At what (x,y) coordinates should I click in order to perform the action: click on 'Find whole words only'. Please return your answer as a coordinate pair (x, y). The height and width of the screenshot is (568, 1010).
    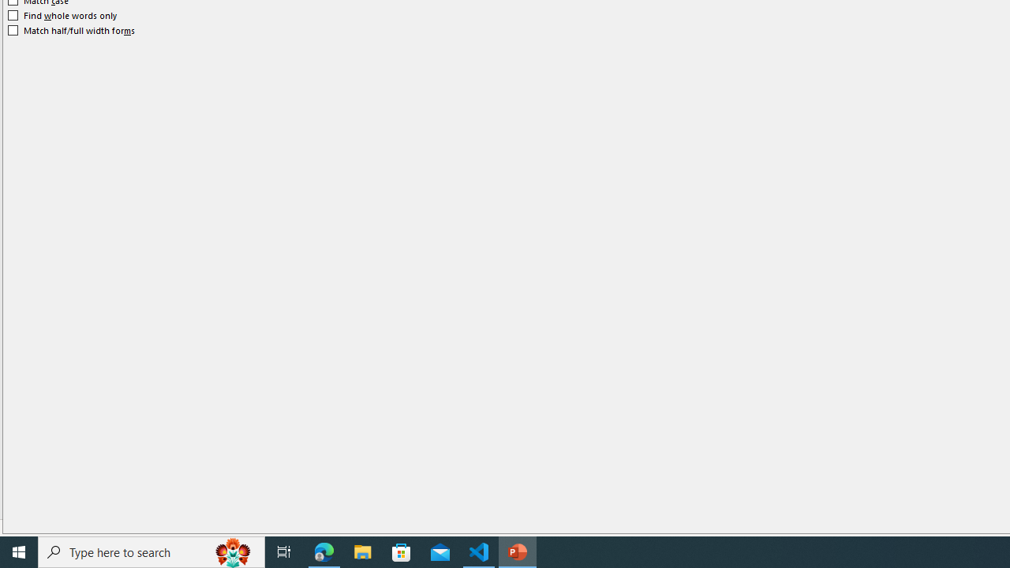
    Looking at the image, I should click on (63, 16).